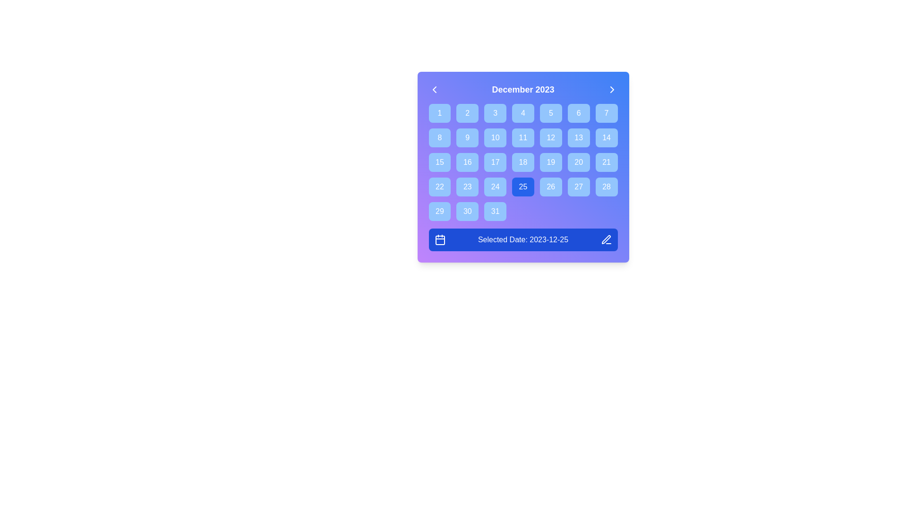 This screenshot has width=907, height=510. I want to click on the left-pointing chevron icon in the header of the calendar component, so click(434, 89).